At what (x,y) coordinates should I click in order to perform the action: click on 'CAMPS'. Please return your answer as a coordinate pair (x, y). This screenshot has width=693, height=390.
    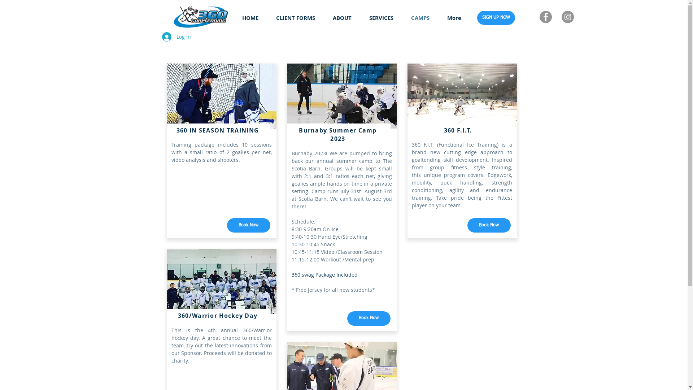
    Looking at the image, I should click on (401, 17).